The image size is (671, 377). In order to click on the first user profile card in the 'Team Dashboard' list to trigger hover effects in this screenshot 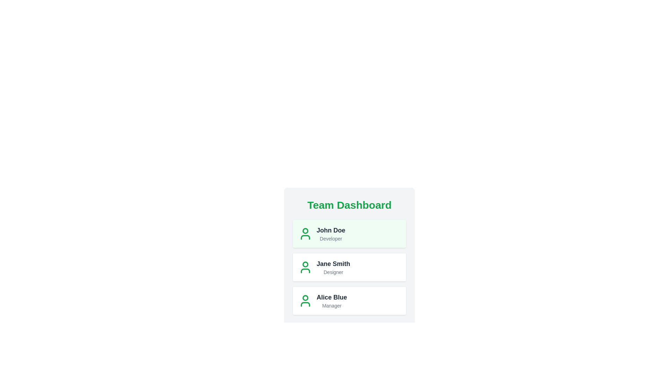, I will do `click(349, 234)`.